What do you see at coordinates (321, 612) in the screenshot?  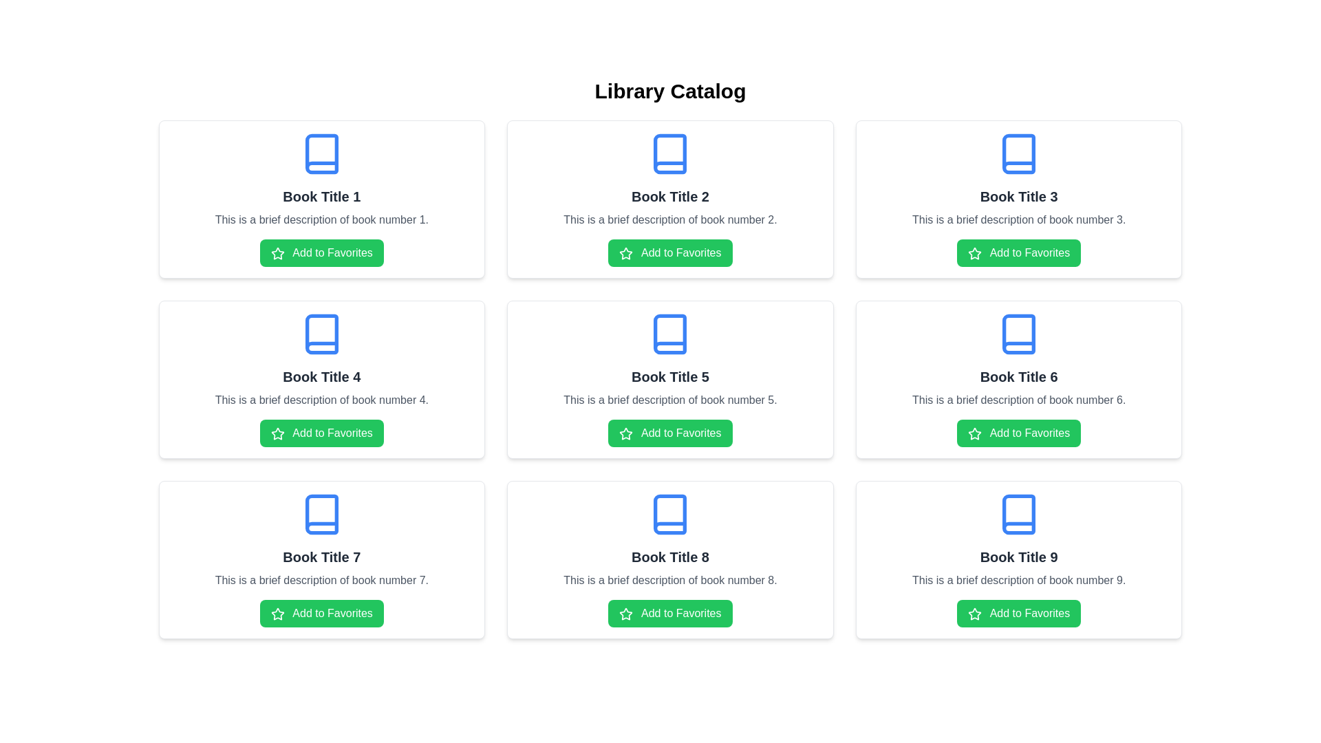 I see `the button` at bounding box center [321, 612].